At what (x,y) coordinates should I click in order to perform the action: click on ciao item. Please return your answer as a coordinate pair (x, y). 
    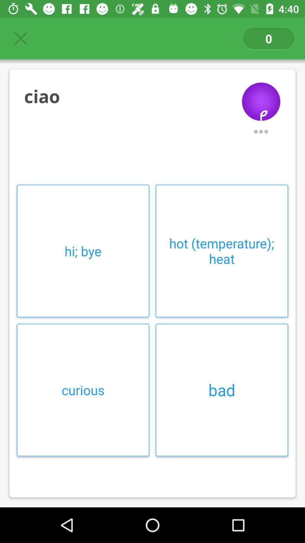
    Looking at the image, I should click on (127, 96).